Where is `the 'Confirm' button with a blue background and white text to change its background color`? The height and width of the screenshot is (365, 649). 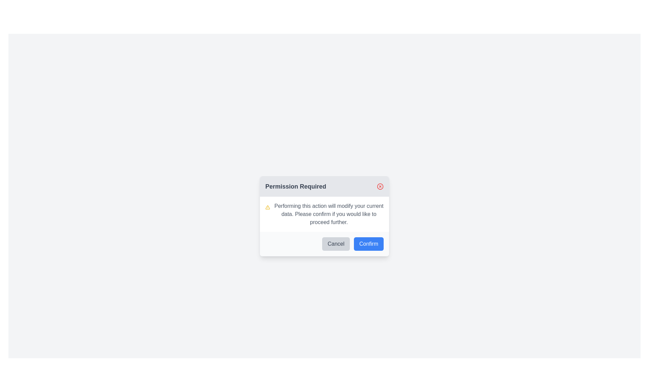
the 'Confirm' button with a blue background and white text to change its background color is located at coordinates (368, 244).